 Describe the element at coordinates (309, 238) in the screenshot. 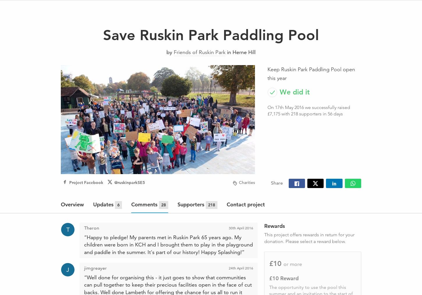

I see `'This project offers rewards in return for your donation. Please select a reward below.'` at that location.